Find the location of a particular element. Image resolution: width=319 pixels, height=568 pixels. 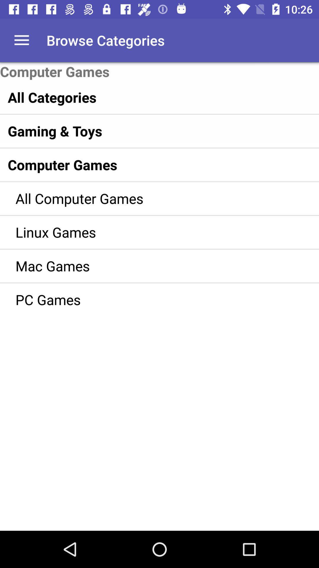

icon below the linux games is located at coordinates (151, 265).